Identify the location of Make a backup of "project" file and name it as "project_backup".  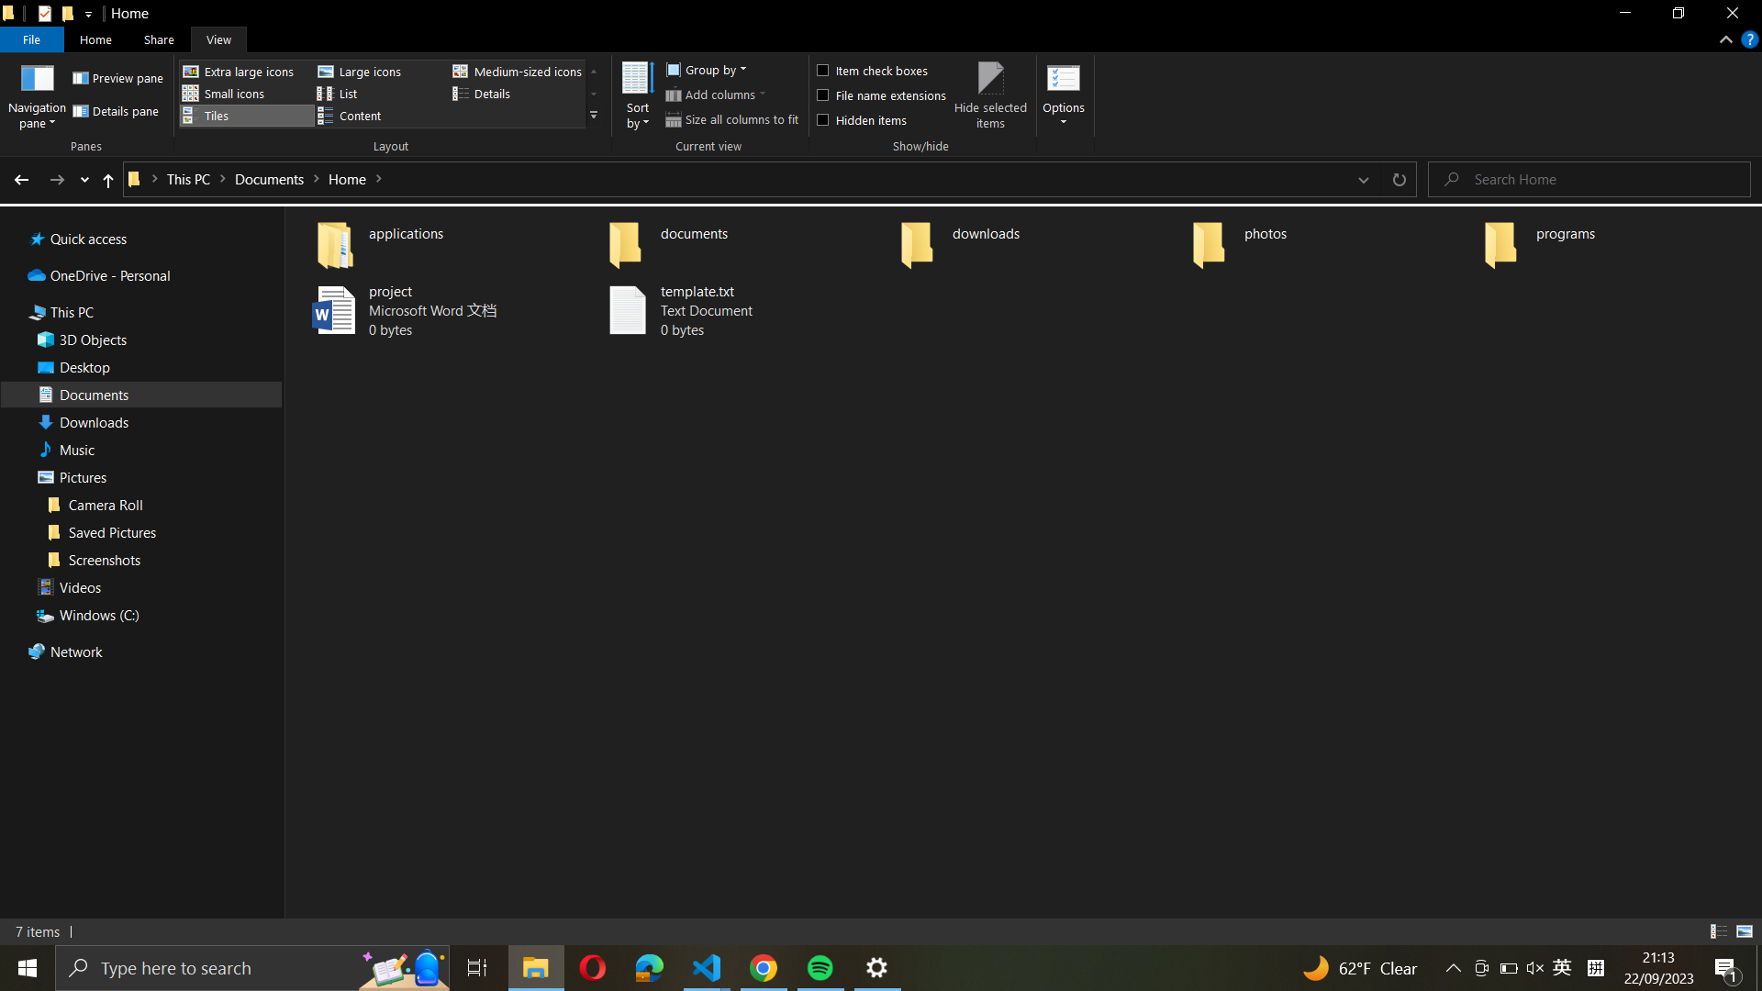
(437, 310).